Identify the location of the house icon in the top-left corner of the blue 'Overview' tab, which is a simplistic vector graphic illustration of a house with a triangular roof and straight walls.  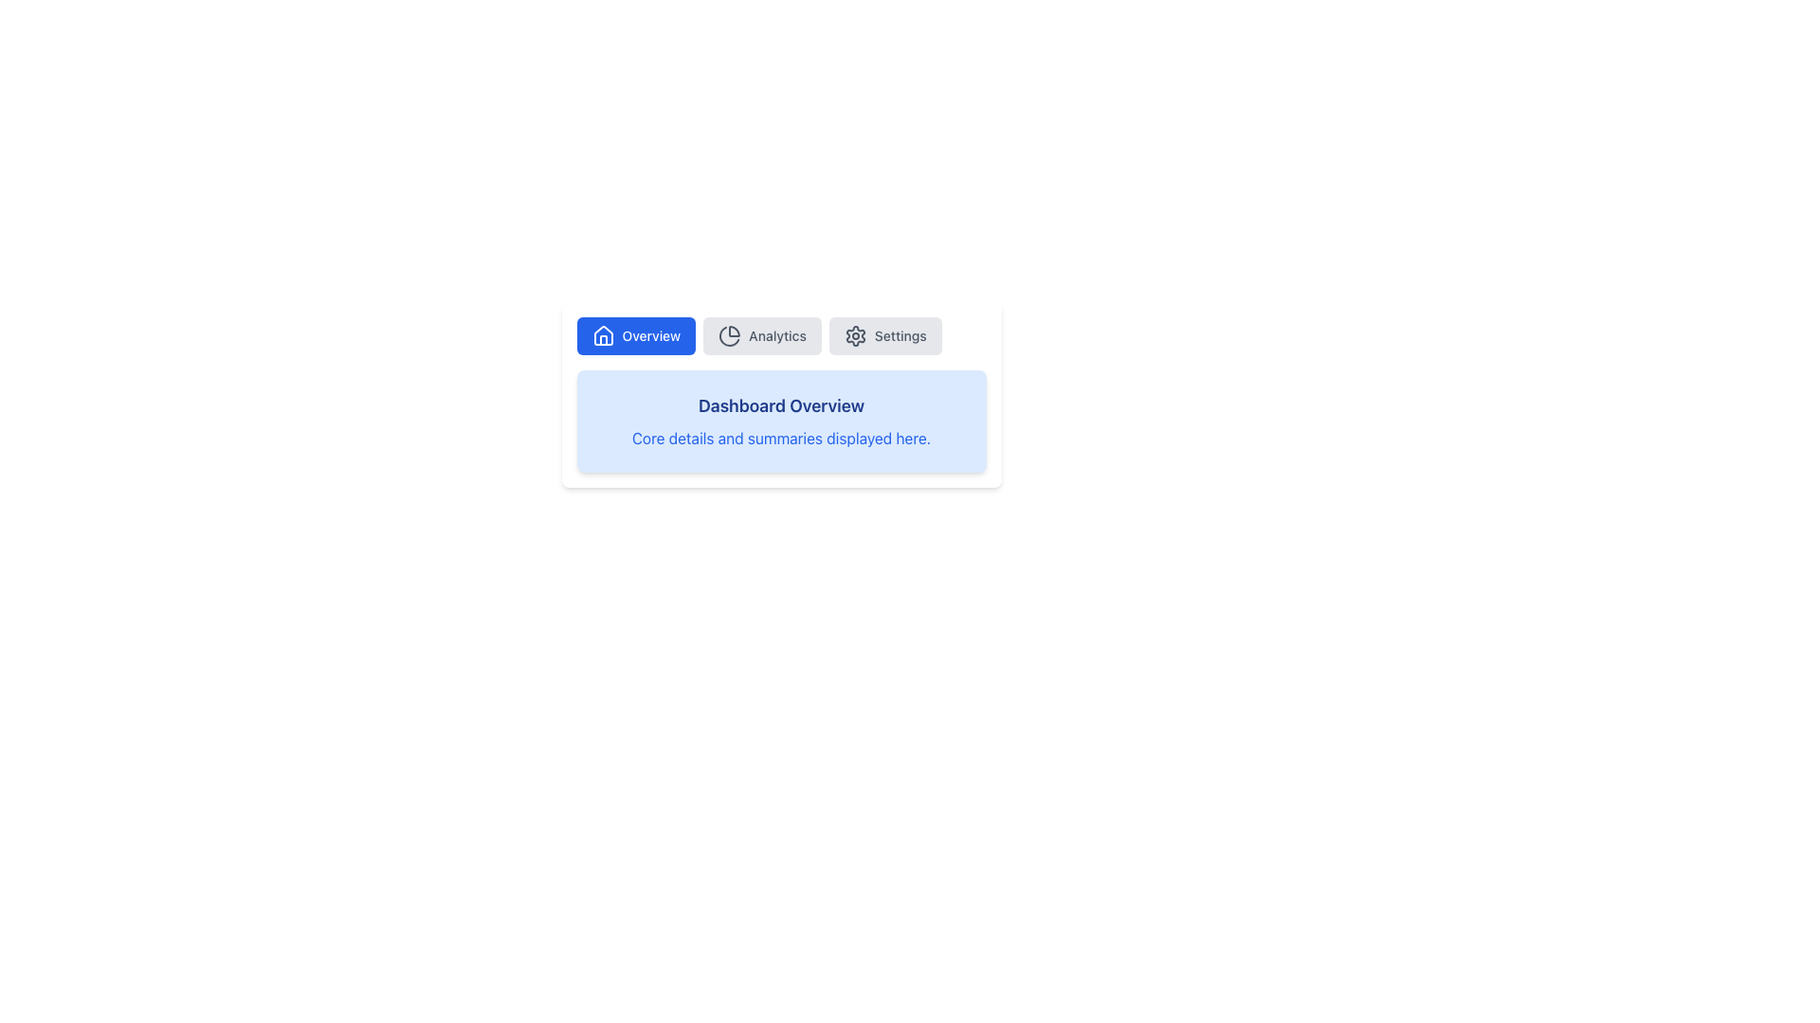
(602, 334).